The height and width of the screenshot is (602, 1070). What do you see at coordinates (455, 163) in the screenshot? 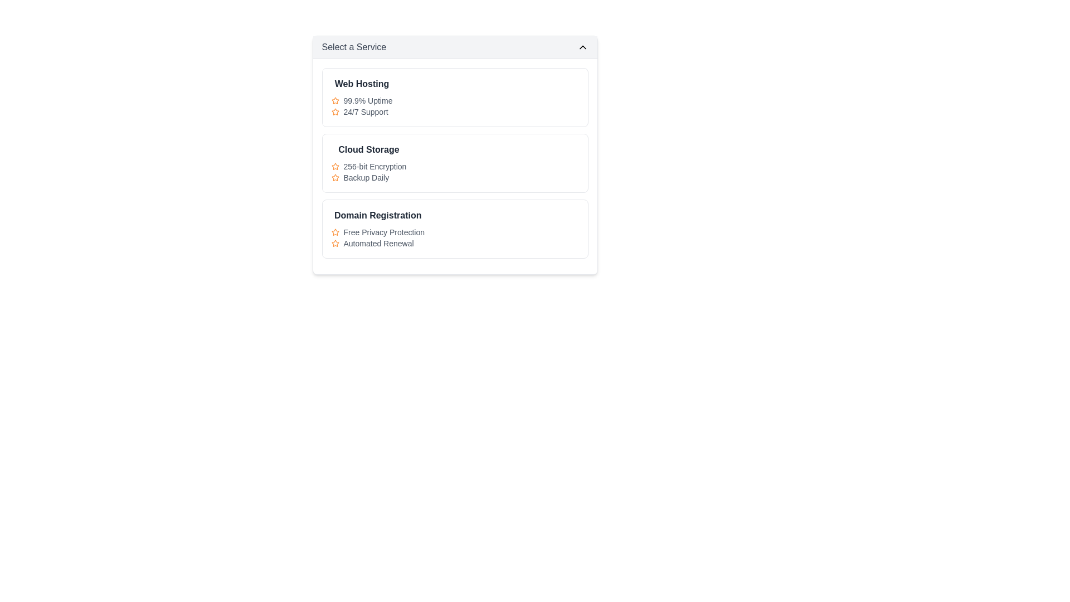
I see `the 'Cloud Storage' option card element, which is the second item in the 'Select a Service' section` at bounding box center [455, 163].